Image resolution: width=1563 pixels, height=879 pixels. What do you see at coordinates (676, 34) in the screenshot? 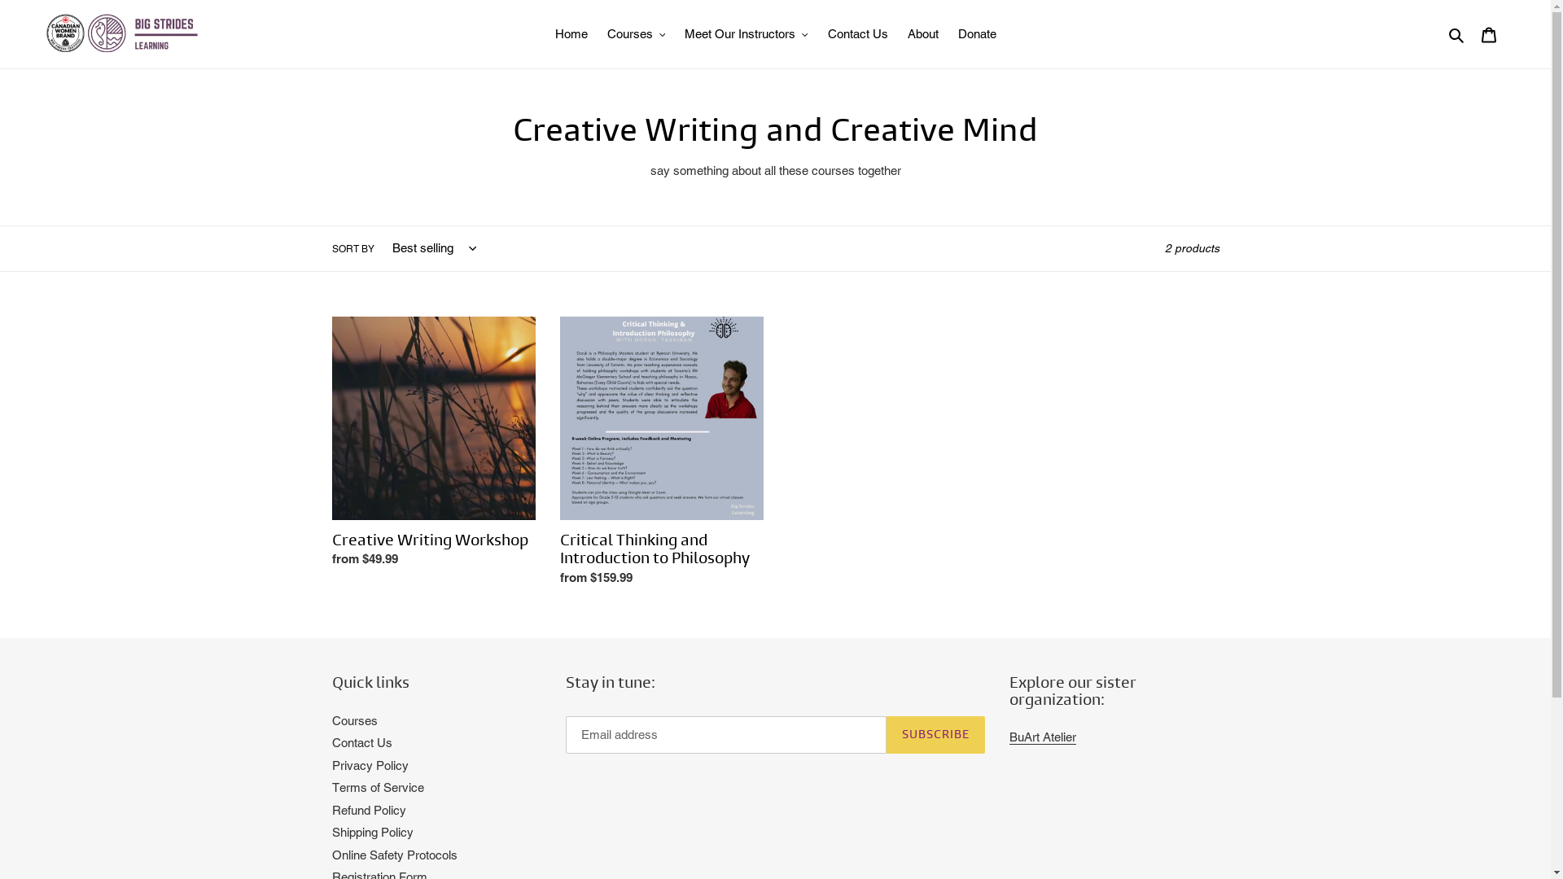
I see `'Meet Our Instructors'` at bounding box center [676, 34].